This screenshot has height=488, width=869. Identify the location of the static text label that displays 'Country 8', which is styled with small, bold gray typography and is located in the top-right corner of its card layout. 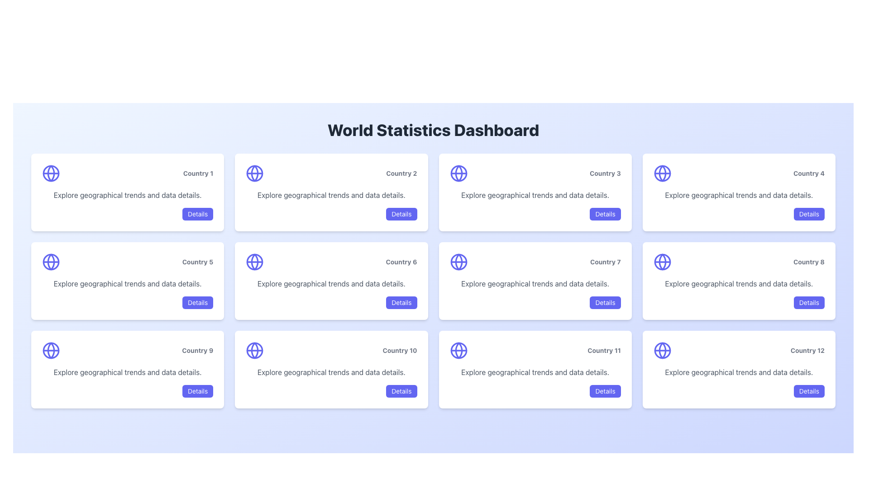
(809, 262).